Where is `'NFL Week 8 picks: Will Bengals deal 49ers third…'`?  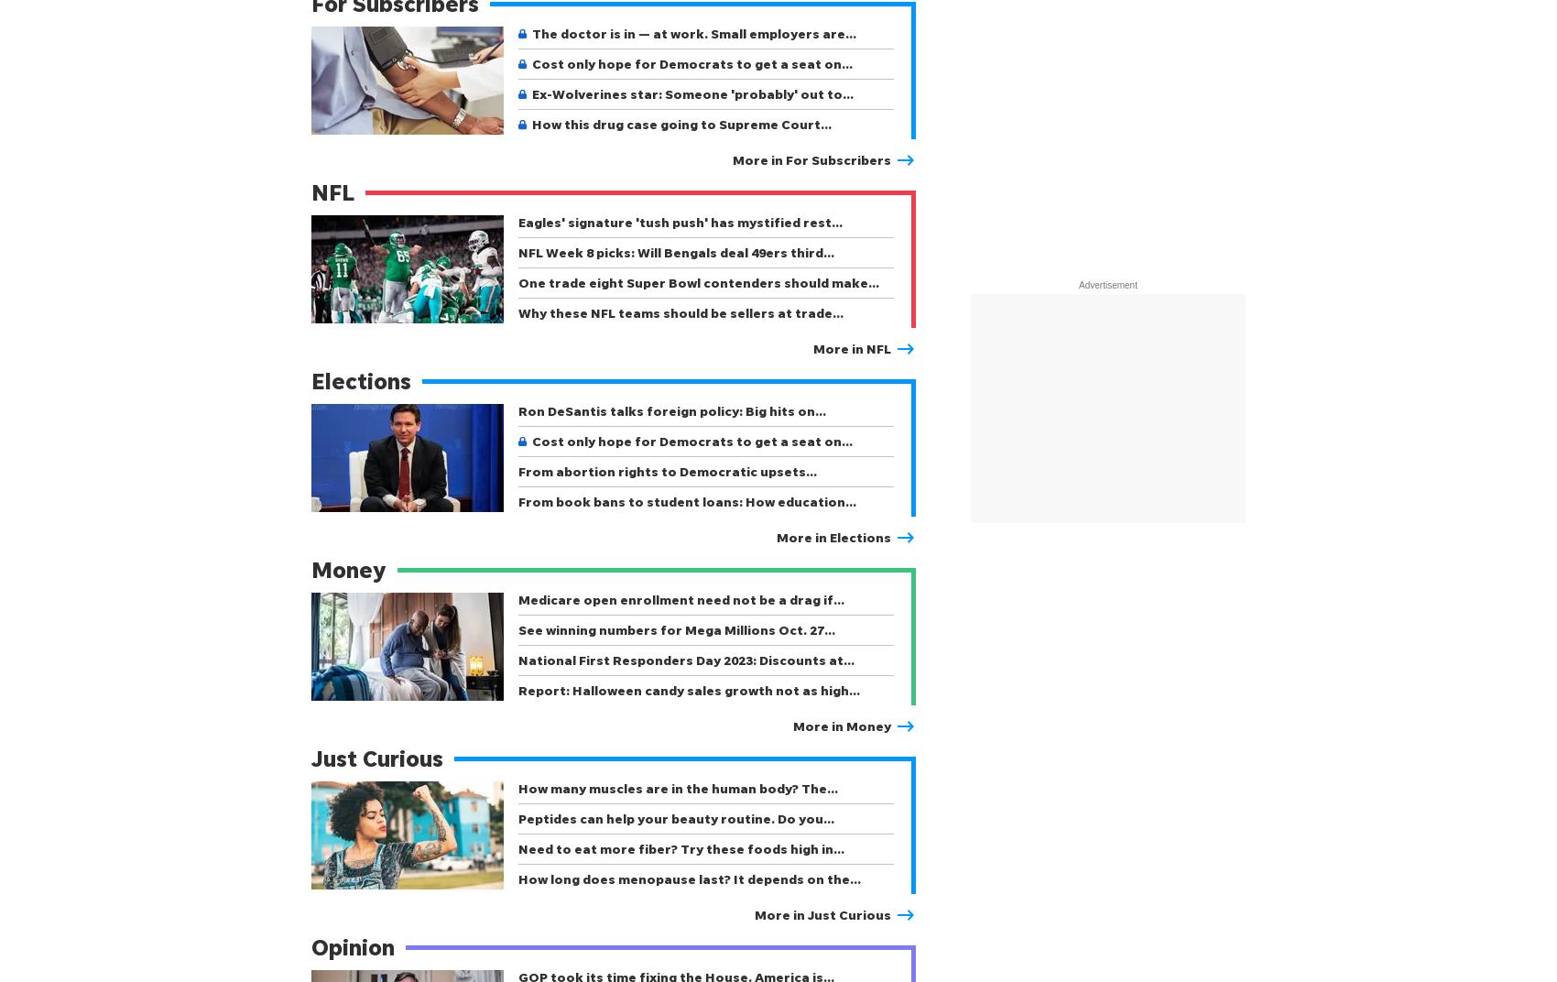 'NFL Week 8 picks: Will Bengals deal 49ers third…' is located at coordinates (517, 251).